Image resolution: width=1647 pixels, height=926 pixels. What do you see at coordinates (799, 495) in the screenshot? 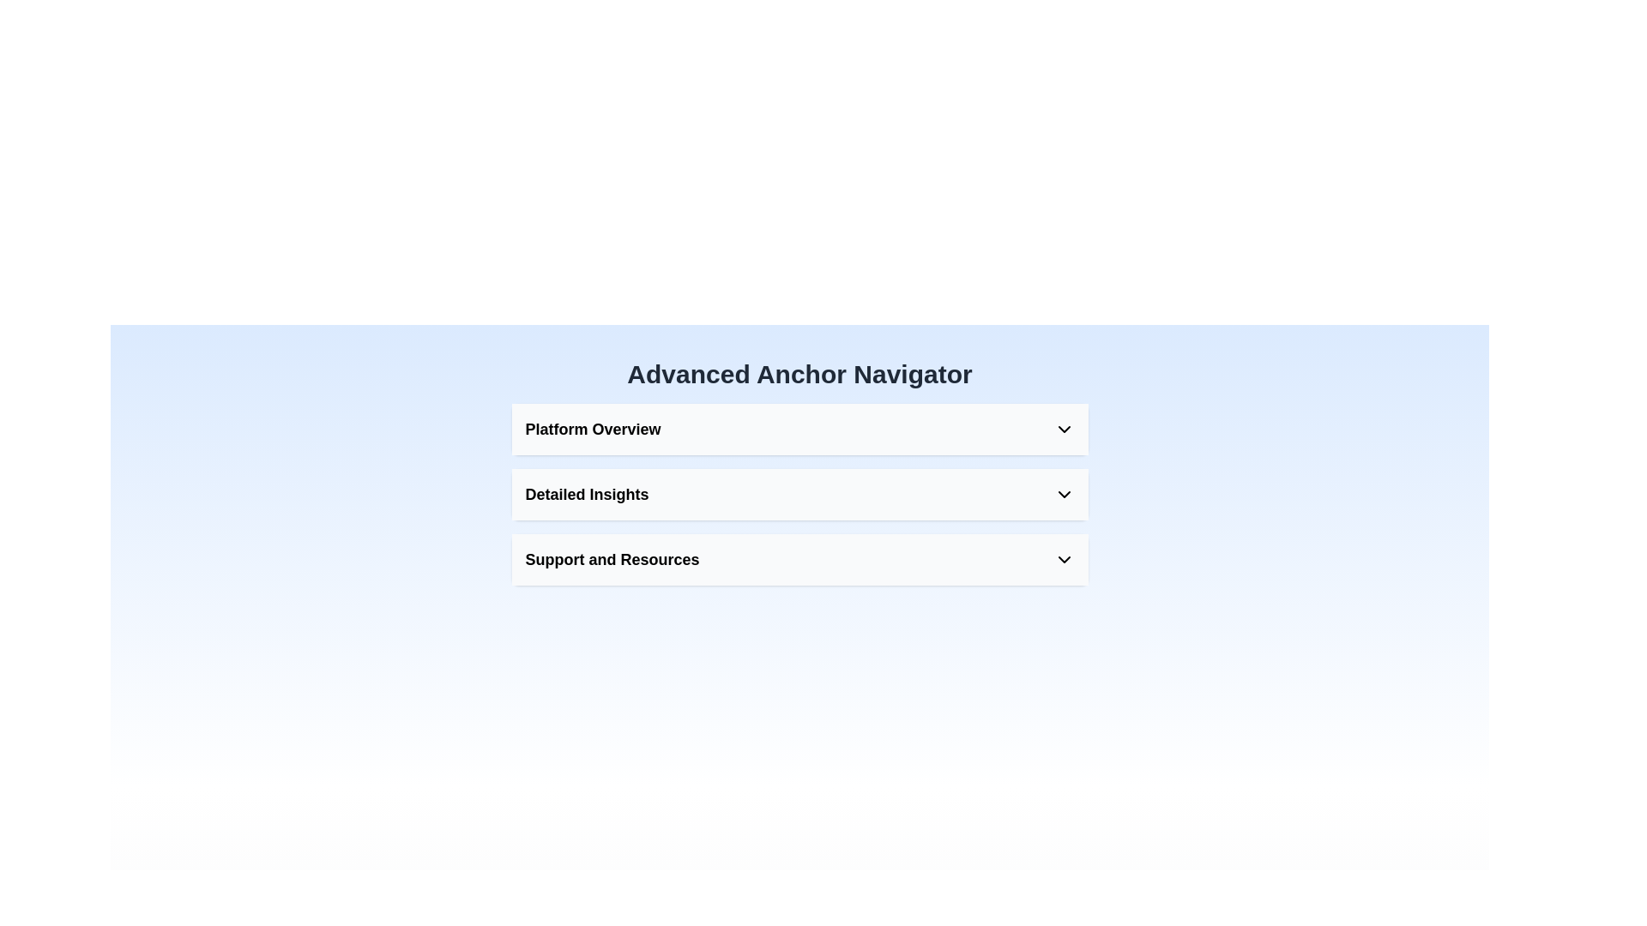
I see `the Collapsible Panel or Expandable Section that provides access to 'Detailed Insights' to trigger a tooltip or highlight` at bounding box center [799, 495].